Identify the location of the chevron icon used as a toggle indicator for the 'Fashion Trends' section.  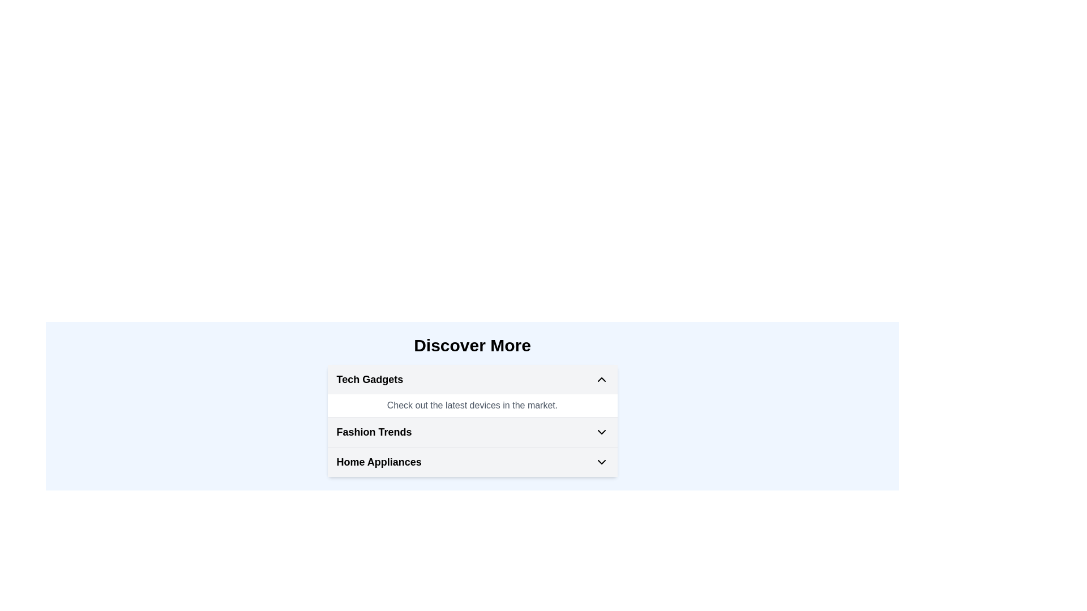
(601, 432).